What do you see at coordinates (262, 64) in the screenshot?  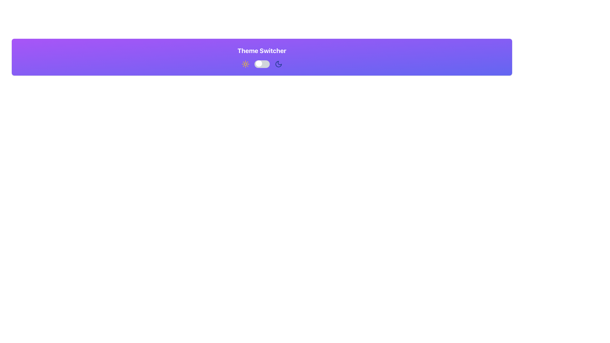 I see `the toggle switch, which is part of the 'Theme Switcher' group` at bounding box center [262, 64].